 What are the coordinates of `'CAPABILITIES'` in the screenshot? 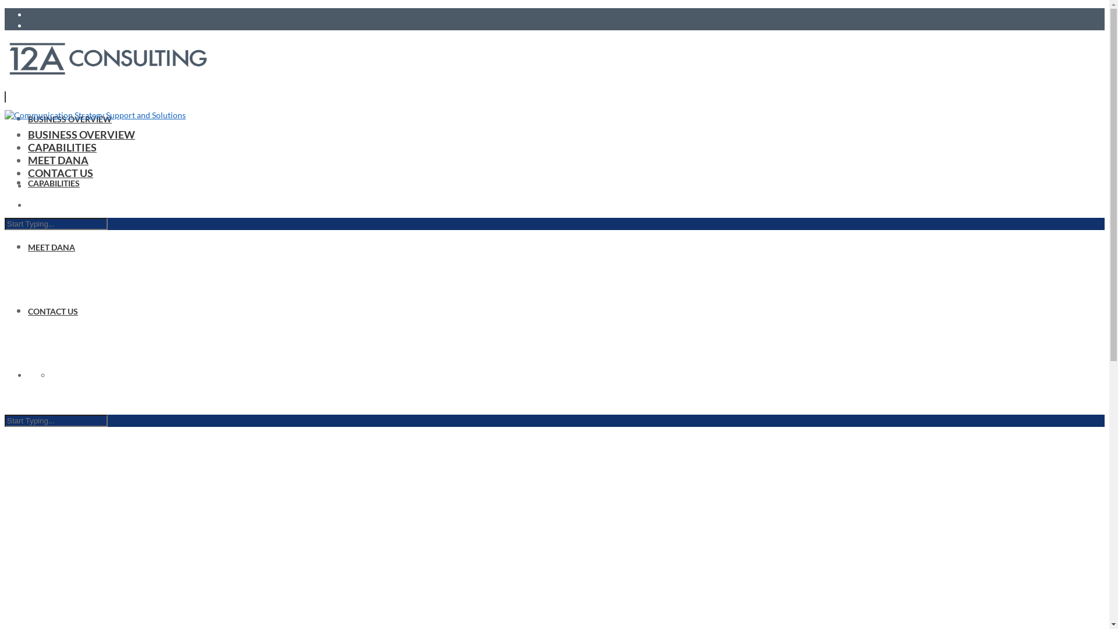 It's located at (53, 183).